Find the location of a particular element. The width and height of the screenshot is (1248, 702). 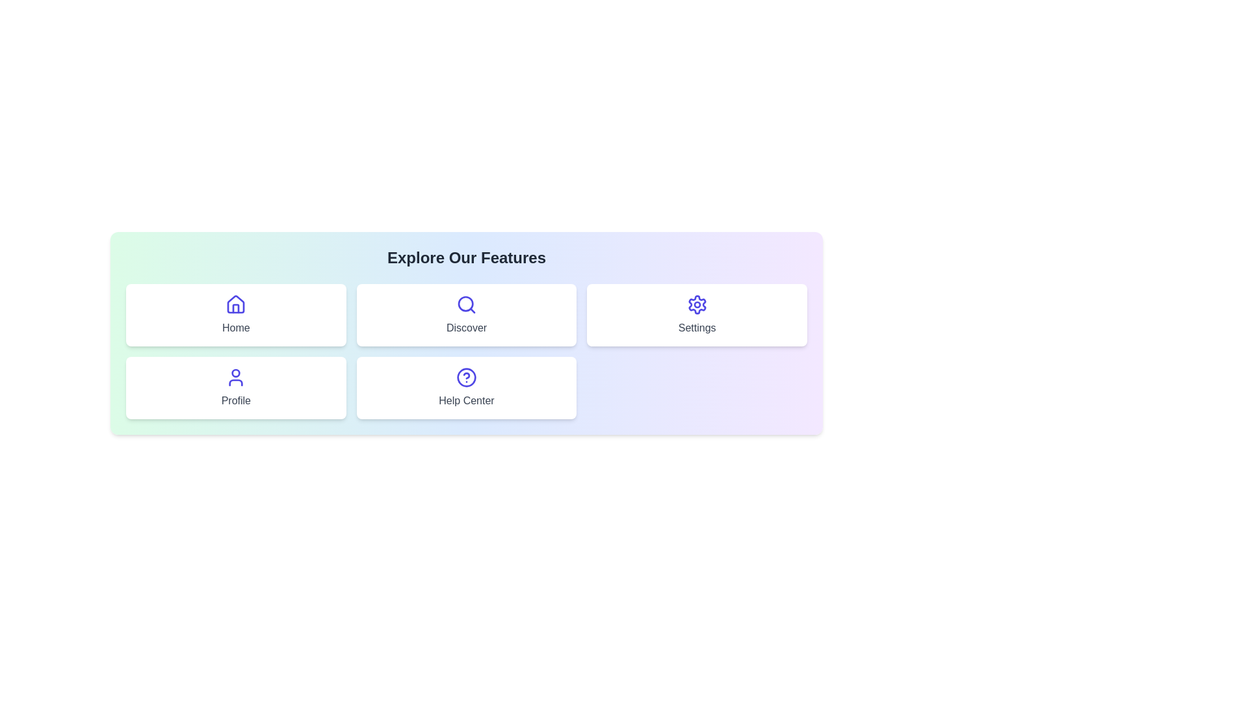

the navigation button located in the bottom-right corner of the 2x3 grid layout is located at coordinates (467, 387).